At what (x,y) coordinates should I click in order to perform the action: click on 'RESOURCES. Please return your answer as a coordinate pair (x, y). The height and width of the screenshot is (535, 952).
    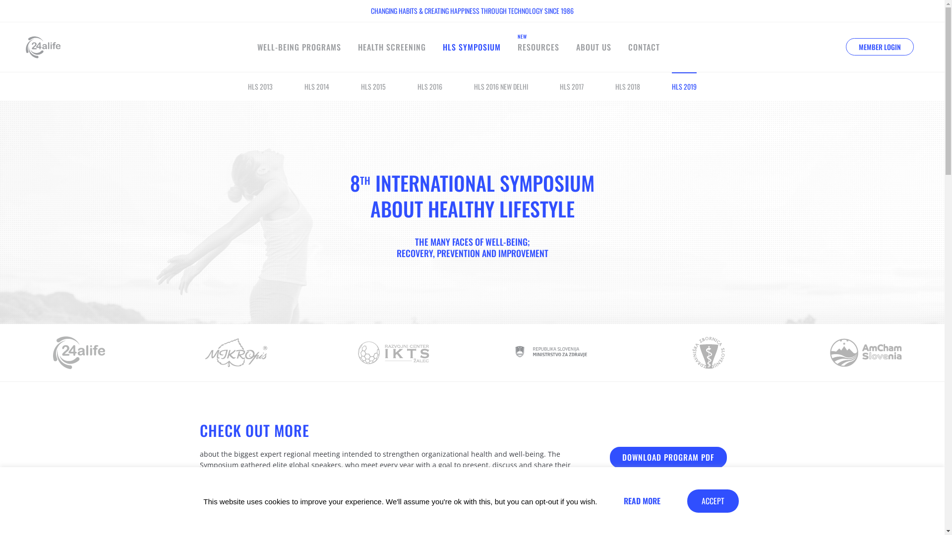
    Looking at the image, I should click on (537, 47).